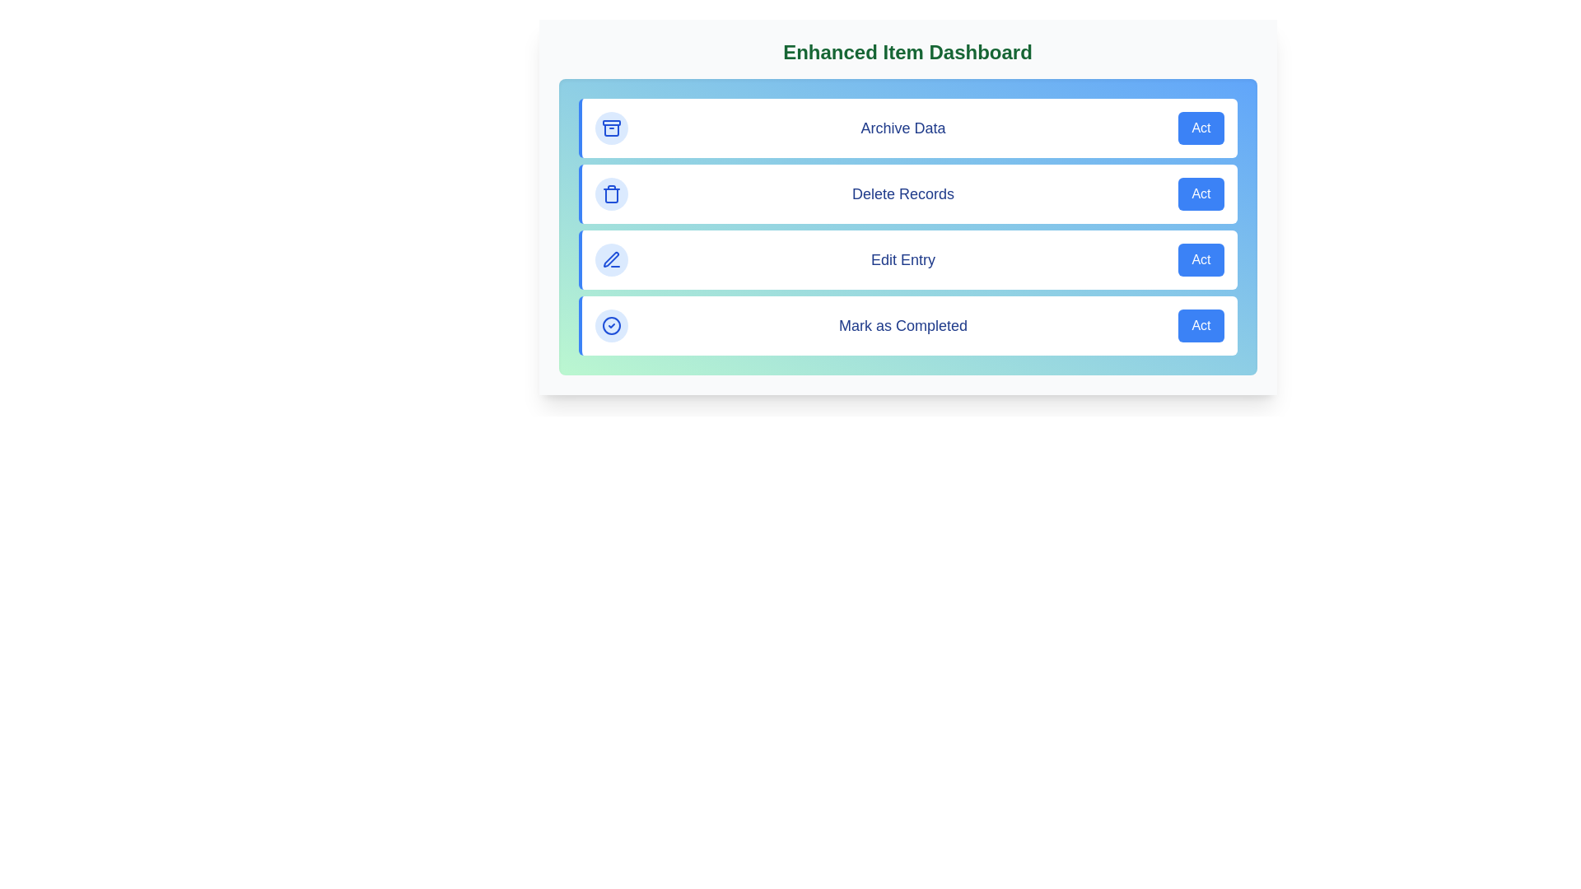 The height and width of the screenshot is (889, 1581). What do you see at coordinates (1201, 193) in the screenshot?
I see `the 'Act' button for the action 'Delete Records'` at bounding box center [1201, 193].